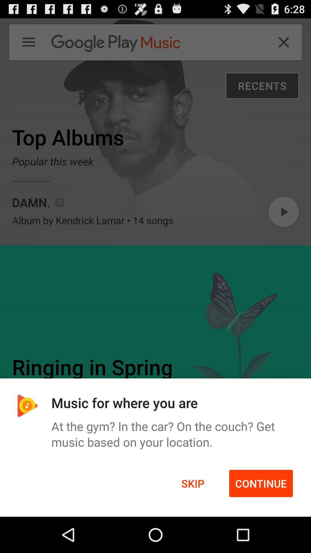  Describe the element at coordinates (261, 483) in the screenshot. I see `the continue item` at that location.